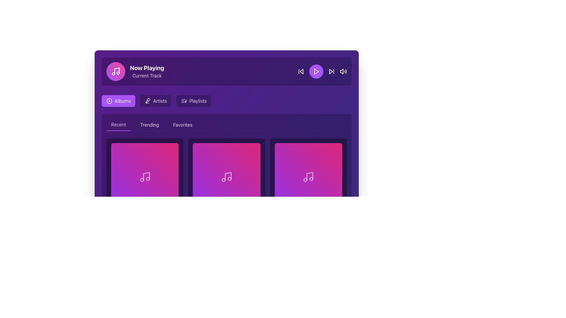 The image size is (566, 318). What do you see at coordinates (343, 71) in the screenshot?
I see `the volume control icon button located in the top-right corner of the interface` at bounding box center [343, 71].